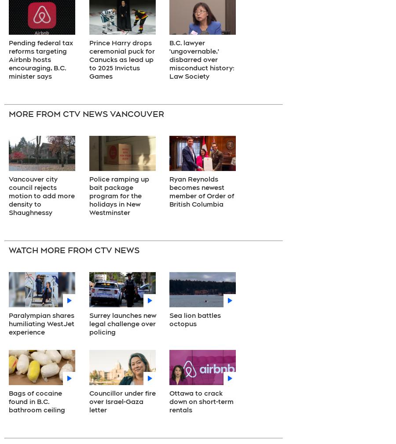 This screenshot has height=444, width=396. What do you see at coordinates (8, 323) in the screenshot?
I see `'Paralympian shares humiliating WestJet experience'` at bounding box center [8, 323].